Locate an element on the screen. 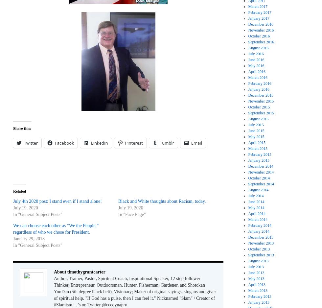 The width and height of the screenshot is (322, 308). 'May 2016' is located at coordinates (256, 65).